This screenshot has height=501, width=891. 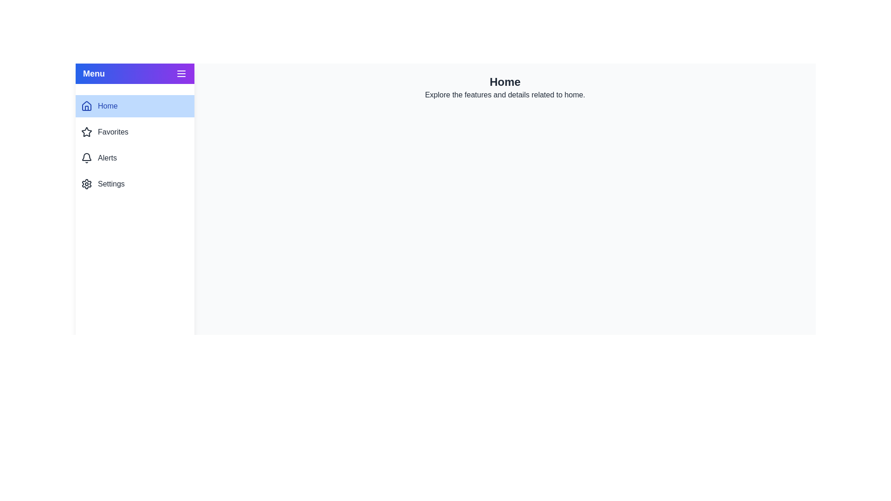 I want to click on the gear-shaped icon associated with settings for accessibility interaction, so click(x=87, y=184).